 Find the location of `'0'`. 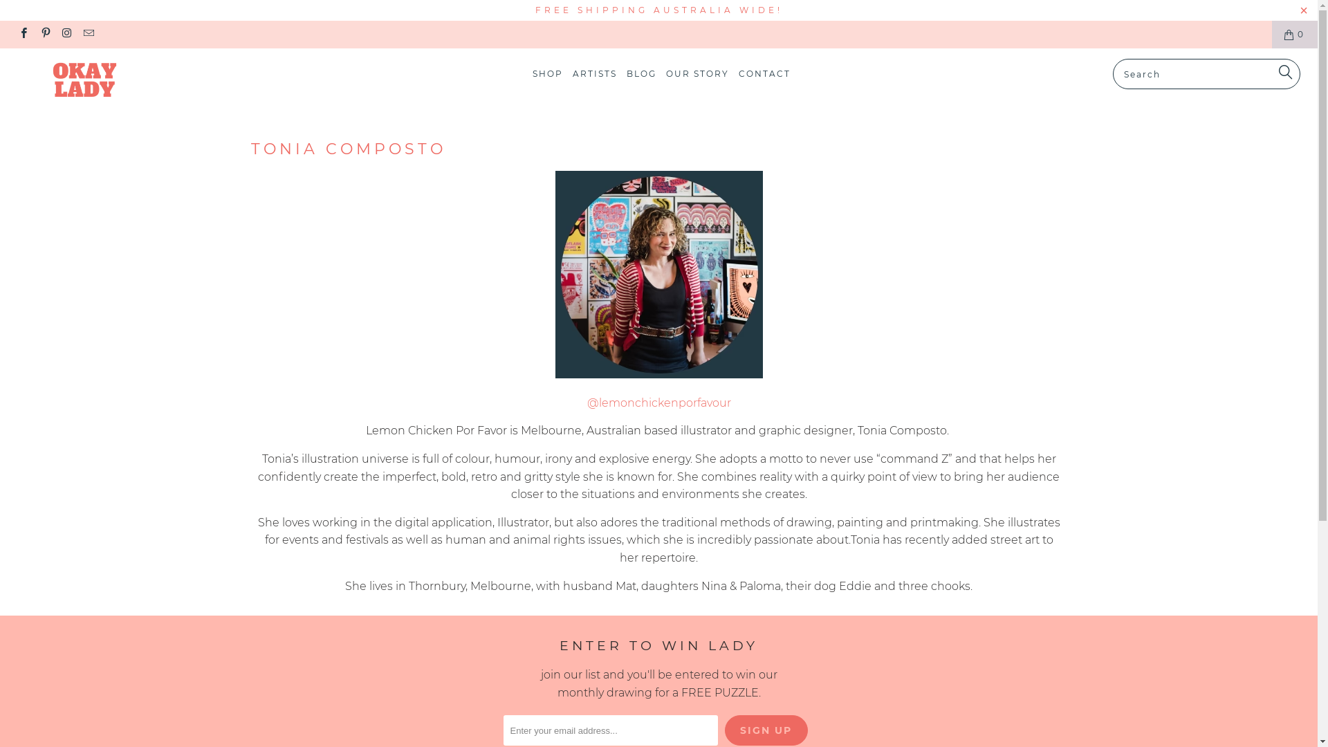

'0' is located at coordinates (1294, 34).